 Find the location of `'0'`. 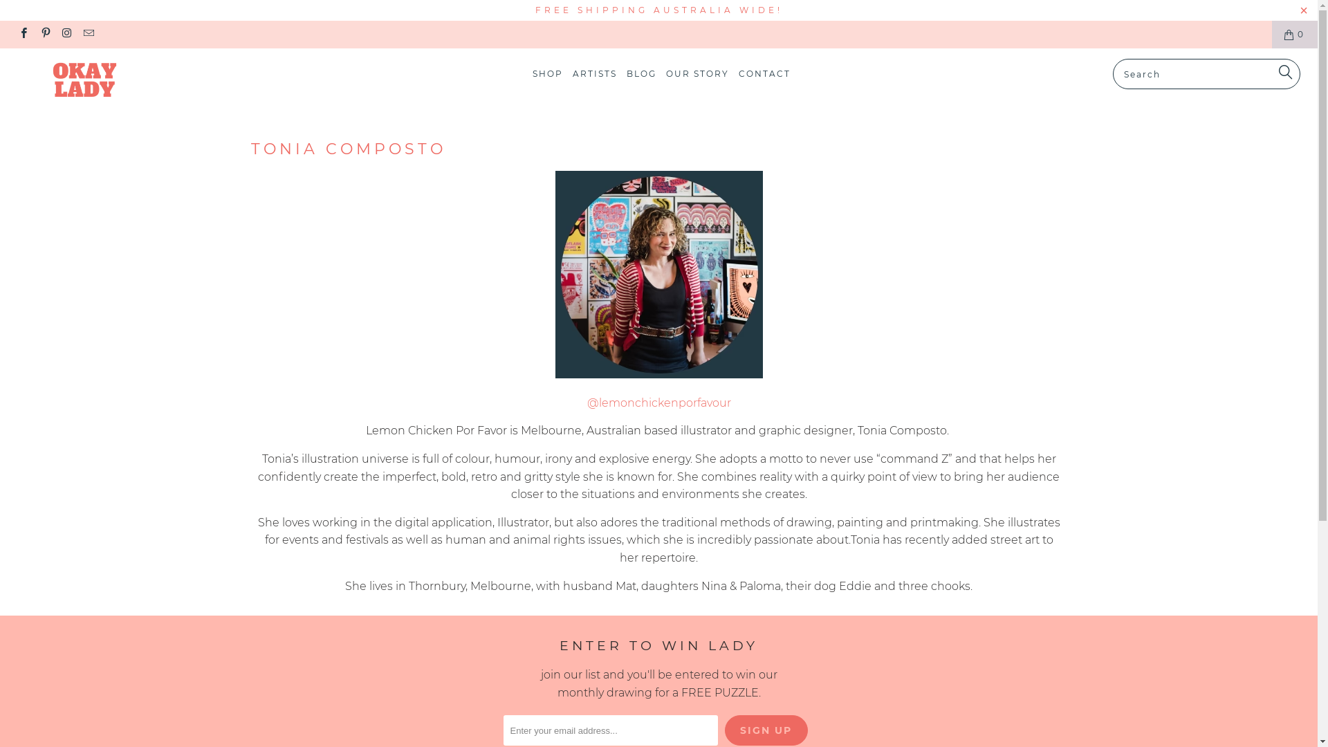

'0' is located at coordinates (1294, 34).